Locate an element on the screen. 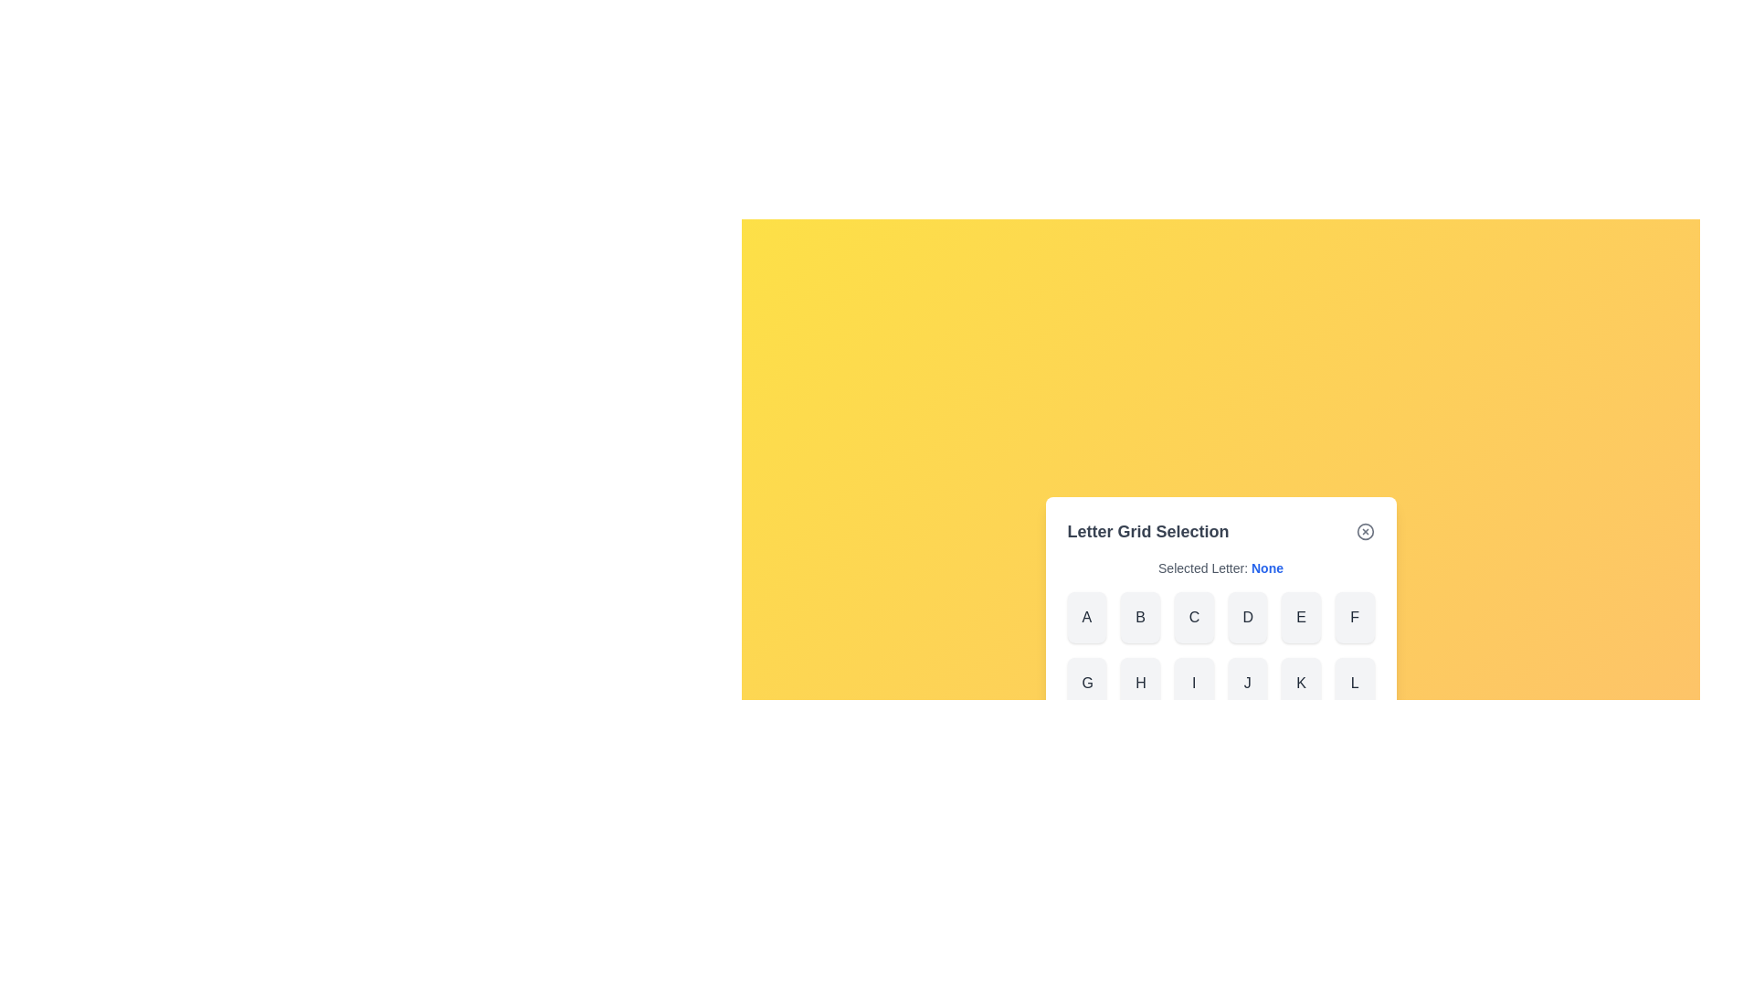  the letter E from the grid is located at coordinates (1300, 617).